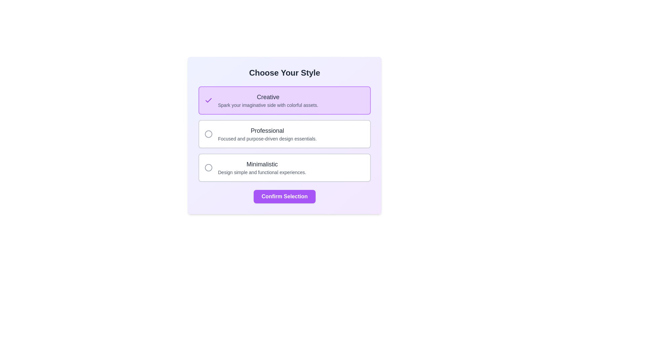  Describe the element at coordinates (262, 167) in the screenshot. I see `static text block titled 'Minimalistic' which describes 'Design simple and functional experiences.' located in the third option block of the vertical selection menu` at that location.